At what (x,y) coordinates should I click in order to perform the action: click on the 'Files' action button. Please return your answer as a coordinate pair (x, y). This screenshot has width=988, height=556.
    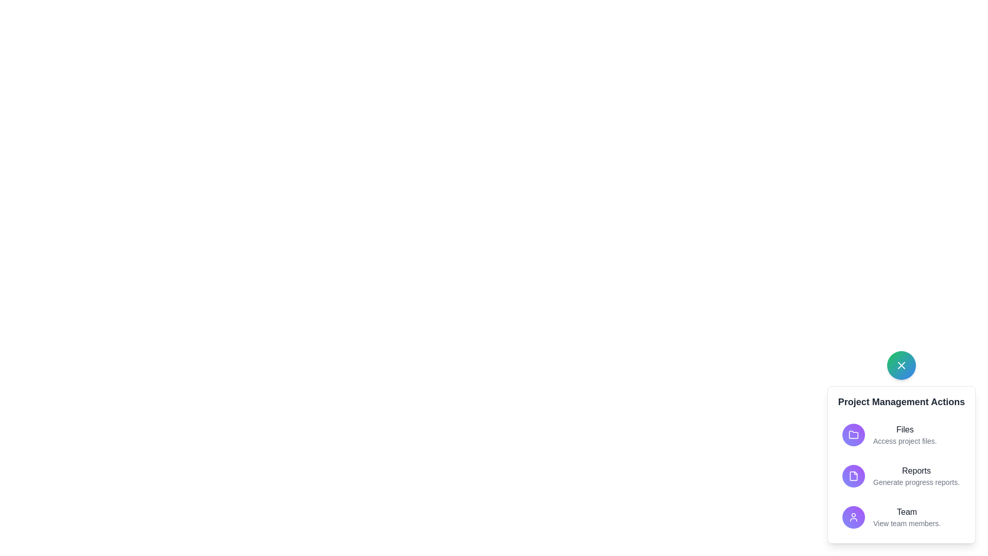
    Looking at the image, I should click on (901, 435).